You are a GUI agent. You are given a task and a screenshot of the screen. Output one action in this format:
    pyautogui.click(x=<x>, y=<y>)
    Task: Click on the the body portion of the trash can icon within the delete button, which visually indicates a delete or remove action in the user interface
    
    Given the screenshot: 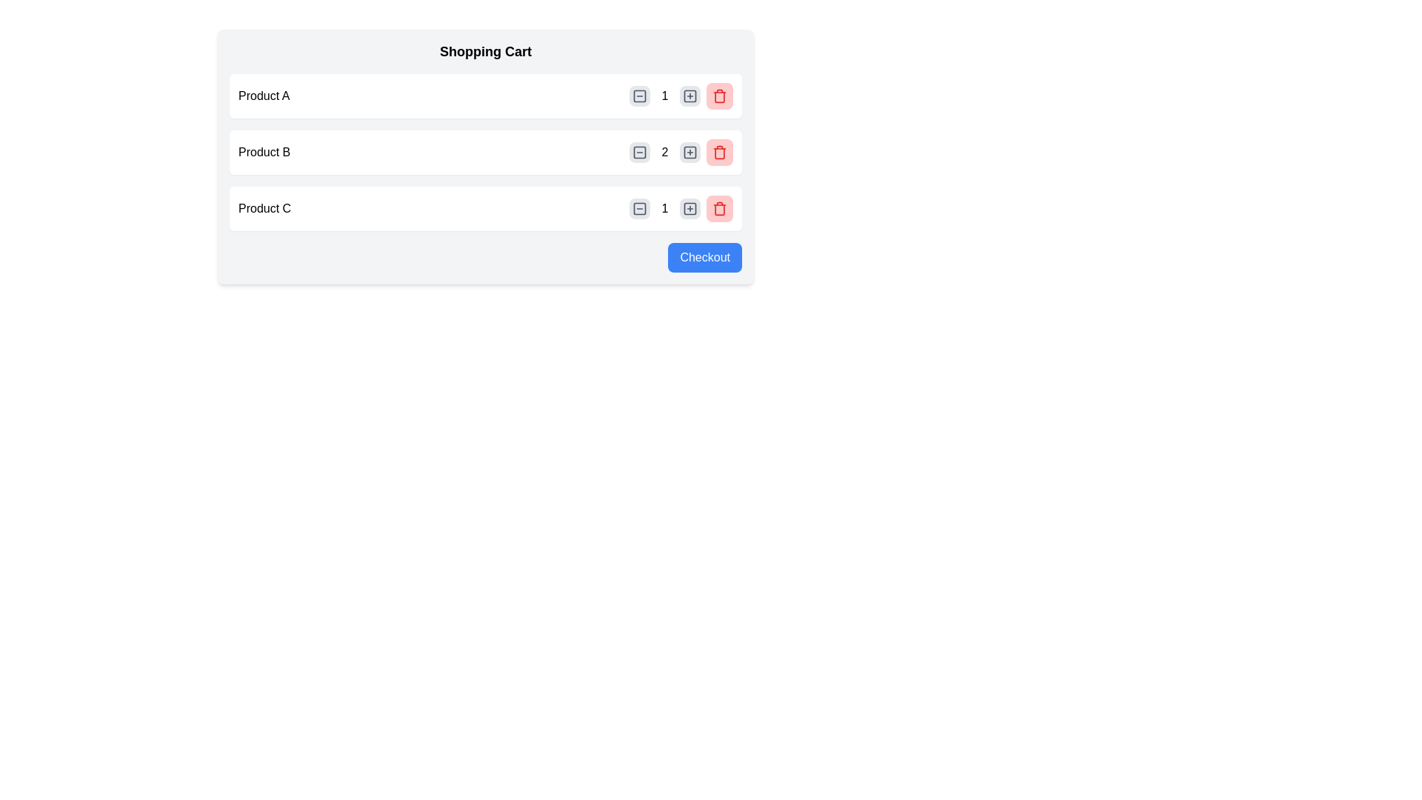 What is the action you would take?
    pyautogui.click(x=719, y=209)
    